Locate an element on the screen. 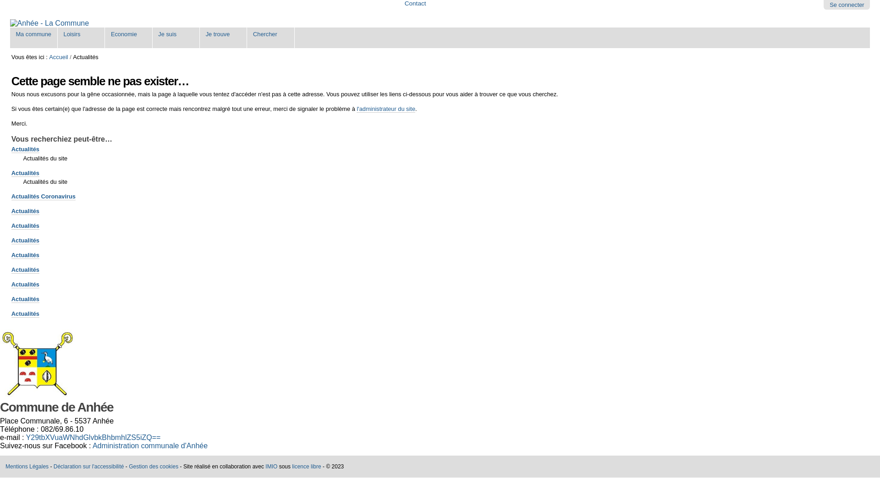  'Chercher' is located at coordinates (270, 37).